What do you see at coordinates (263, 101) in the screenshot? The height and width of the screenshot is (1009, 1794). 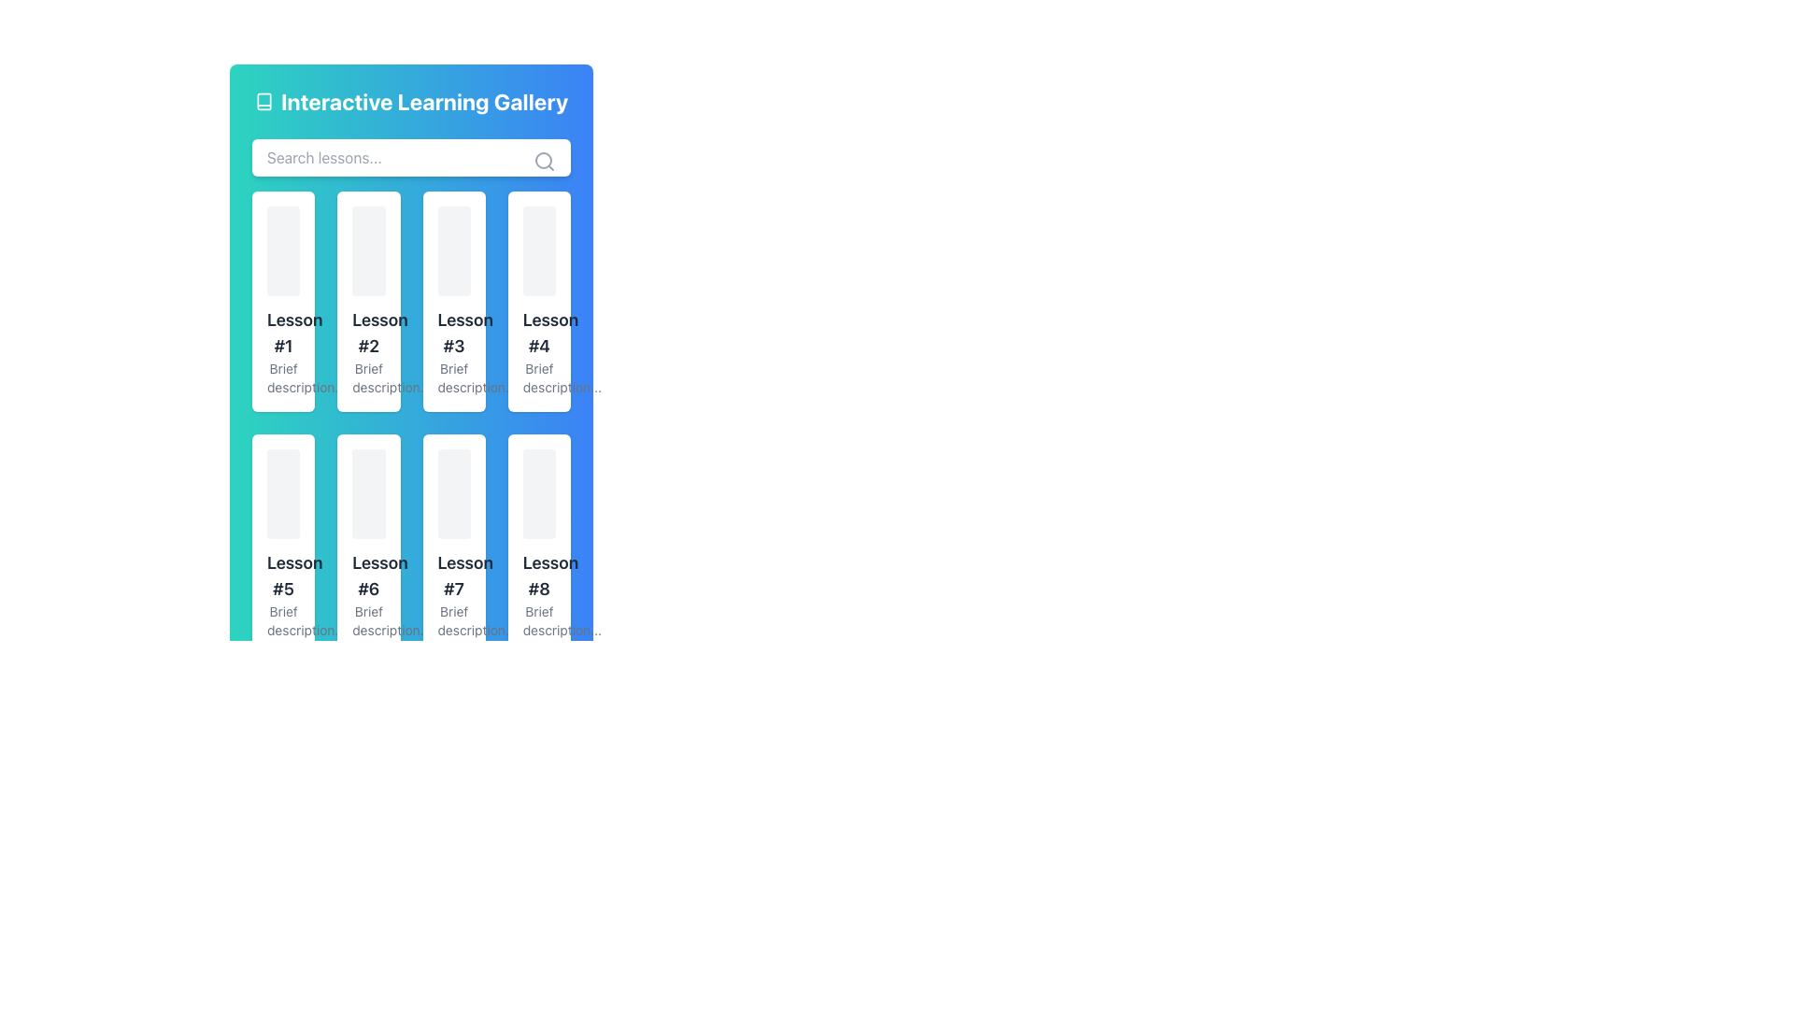 I see `the outlined book icon located to the left of the text 'Interactive Learning Gallery', which is vertically centered with the text and aligned to its left` at bounding box center [263, 101].